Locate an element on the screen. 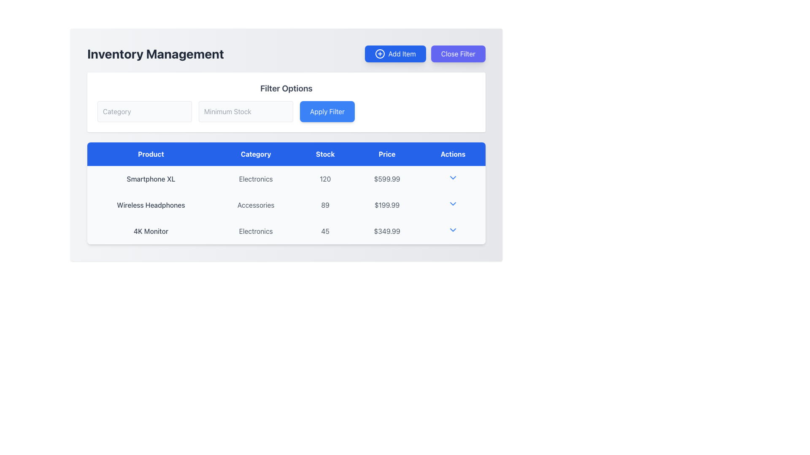  the Dropdown expansion icon in the Actions column of the table for the '4K Monitor' product to change its color is located at coordinates (453, 231).